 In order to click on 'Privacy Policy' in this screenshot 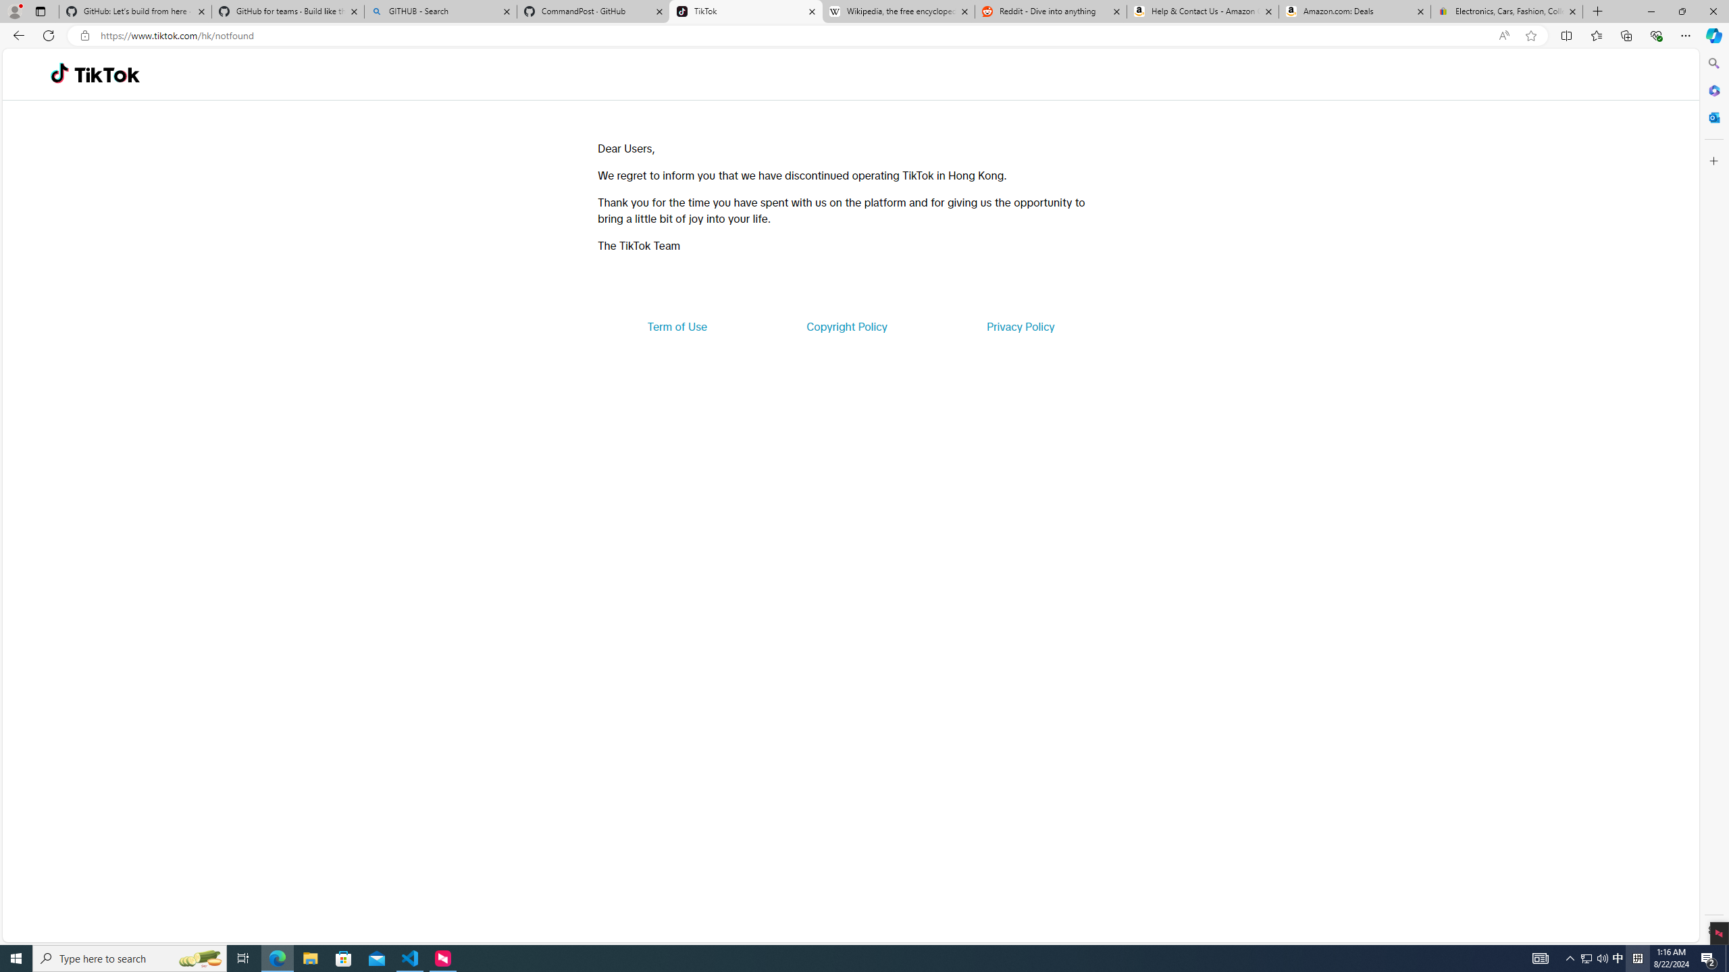, I will do `click(1019, 325)`.